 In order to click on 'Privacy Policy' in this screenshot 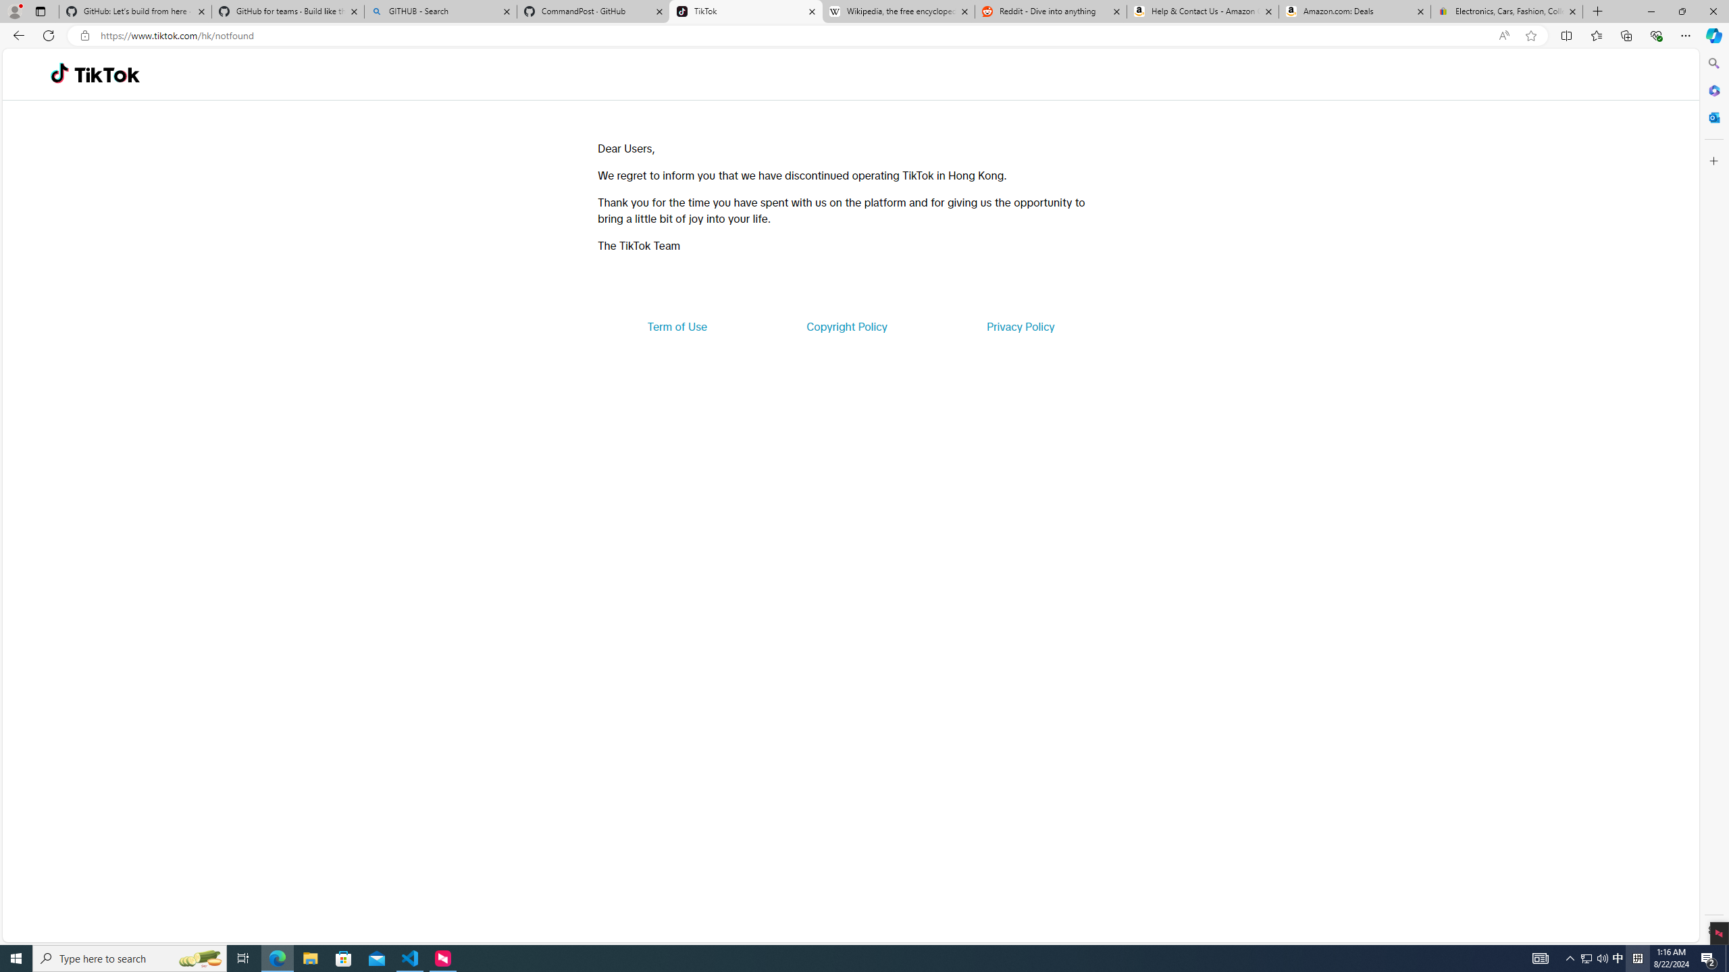, I will do `click(1019, 325)`.